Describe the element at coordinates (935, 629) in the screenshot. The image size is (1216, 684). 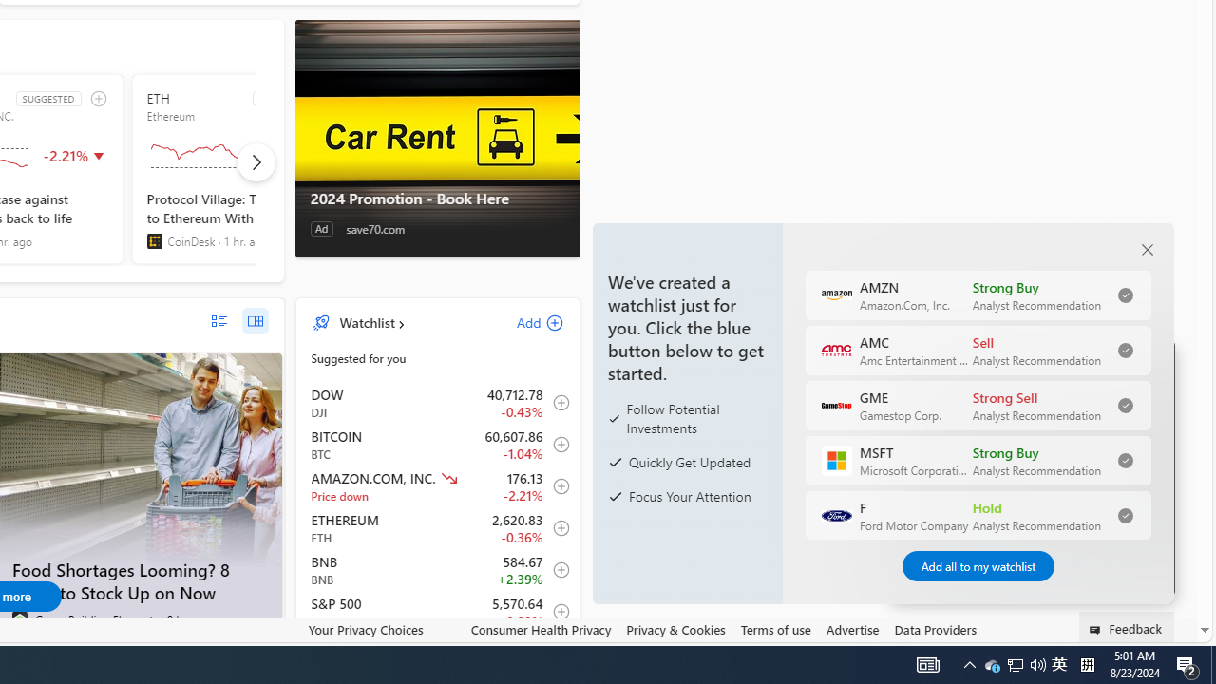
I see `'Data Providers'` at that location.